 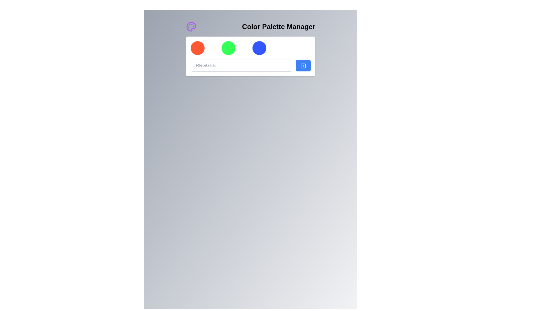 I want to click on the blue rectangular button with a plus symbol icon, so click(x=303, y=65).